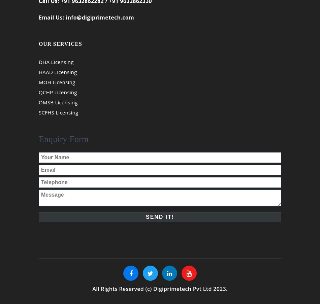  I want to click on 'MOH Licensing', so click(57, 86).